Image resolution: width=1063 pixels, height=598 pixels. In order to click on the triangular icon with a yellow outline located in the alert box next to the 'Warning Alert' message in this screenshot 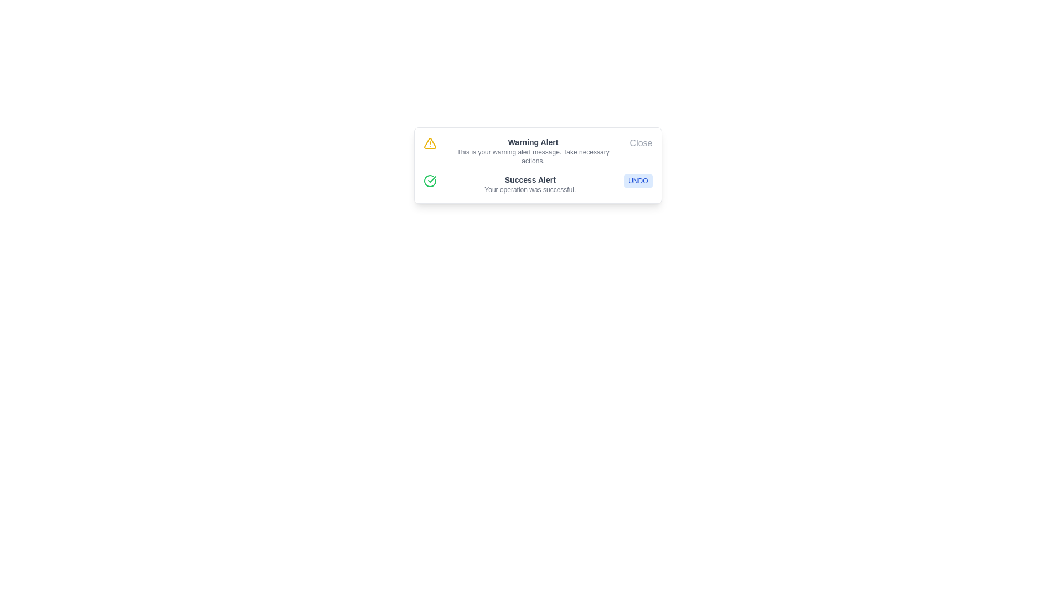, I will do `click(429, 142)`.